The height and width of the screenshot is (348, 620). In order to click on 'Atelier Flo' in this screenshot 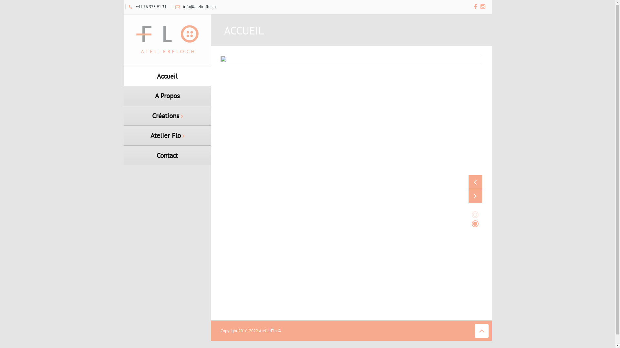, I will do `click(123, 135)`.